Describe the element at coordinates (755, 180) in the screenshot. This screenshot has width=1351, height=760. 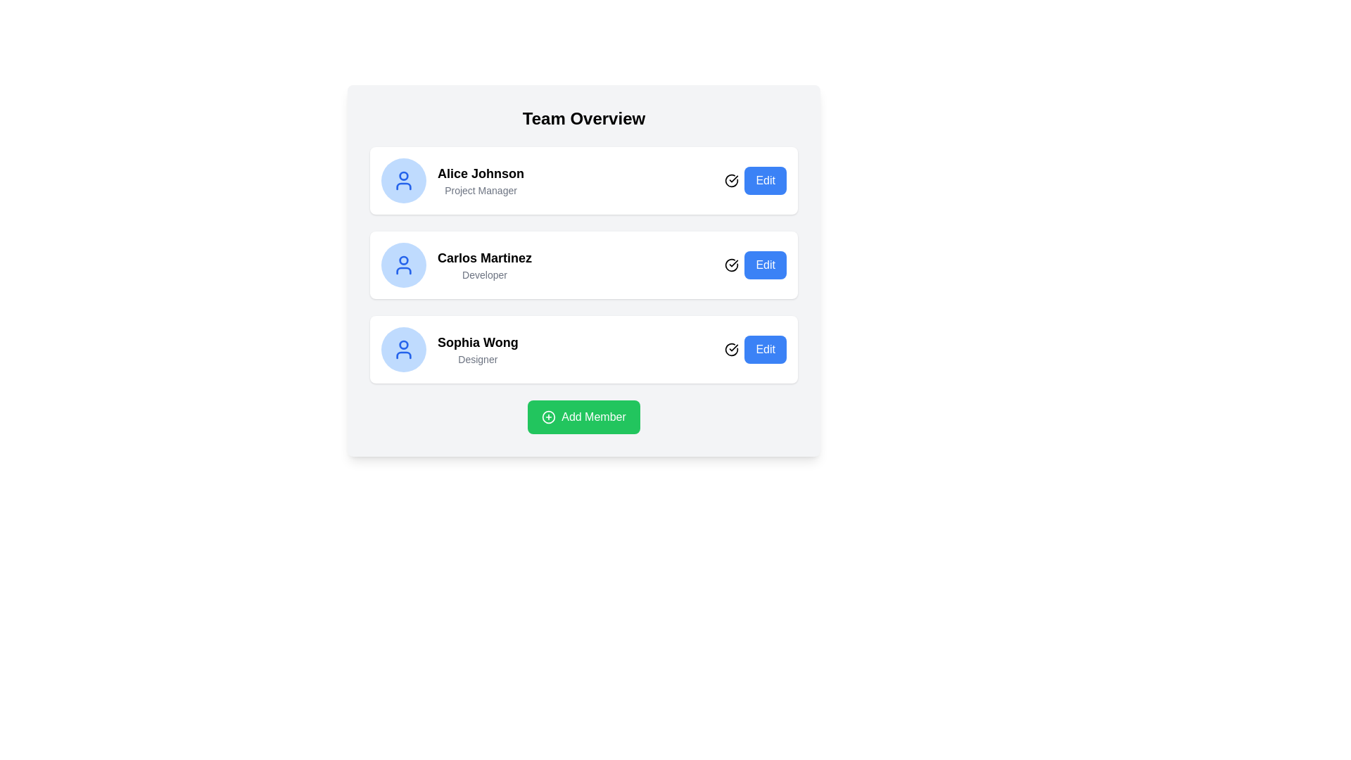
I see `the 'Edit' button with a blue background and white text, located on the right side of the row for user 'Alice Johnson', to initiate editing` at that location.